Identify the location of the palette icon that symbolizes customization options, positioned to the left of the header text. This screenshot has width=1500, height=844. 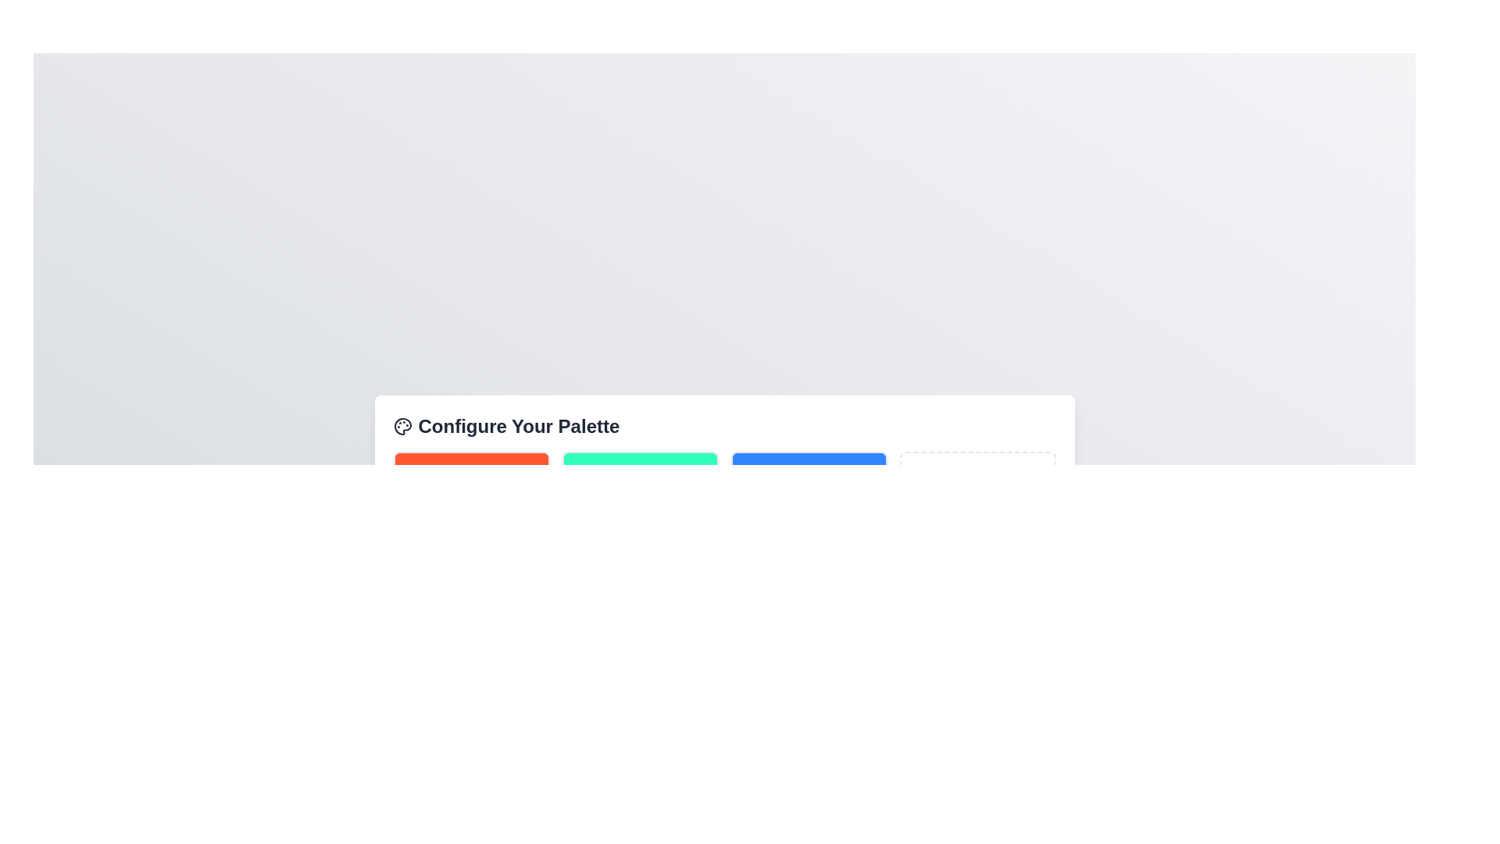
(402, 427).